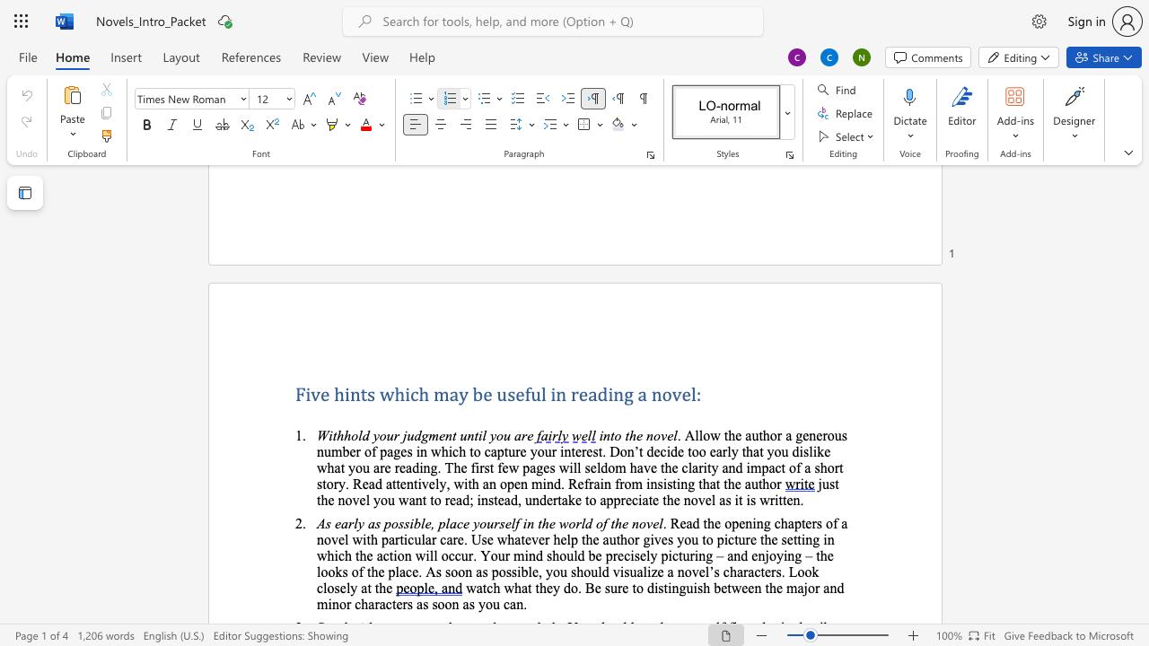 This screenshot has height=646, width=1149. What do you see at coordinates (370, 523) in the screenshot?
I see `the 2th character "a" in the text` at bounding box center [370, 523].